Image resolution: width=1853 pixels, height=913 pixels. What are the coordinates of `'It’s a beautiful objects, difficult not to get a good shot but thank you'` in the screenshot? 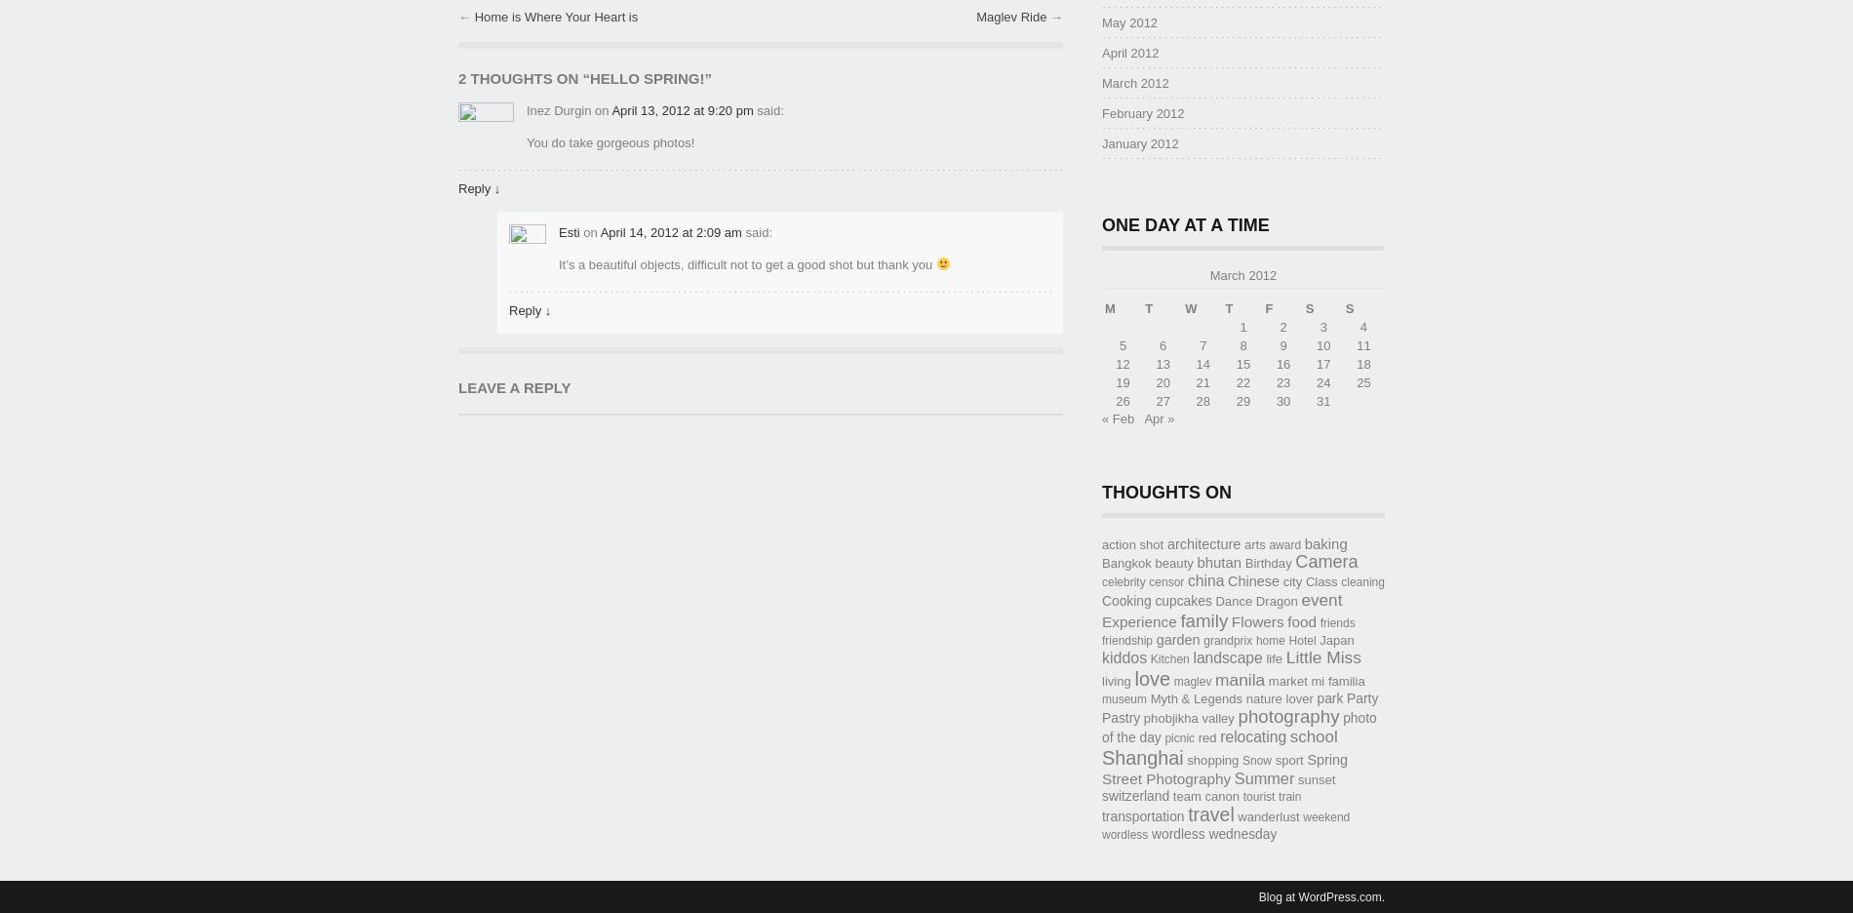 It's located at (746, 262).